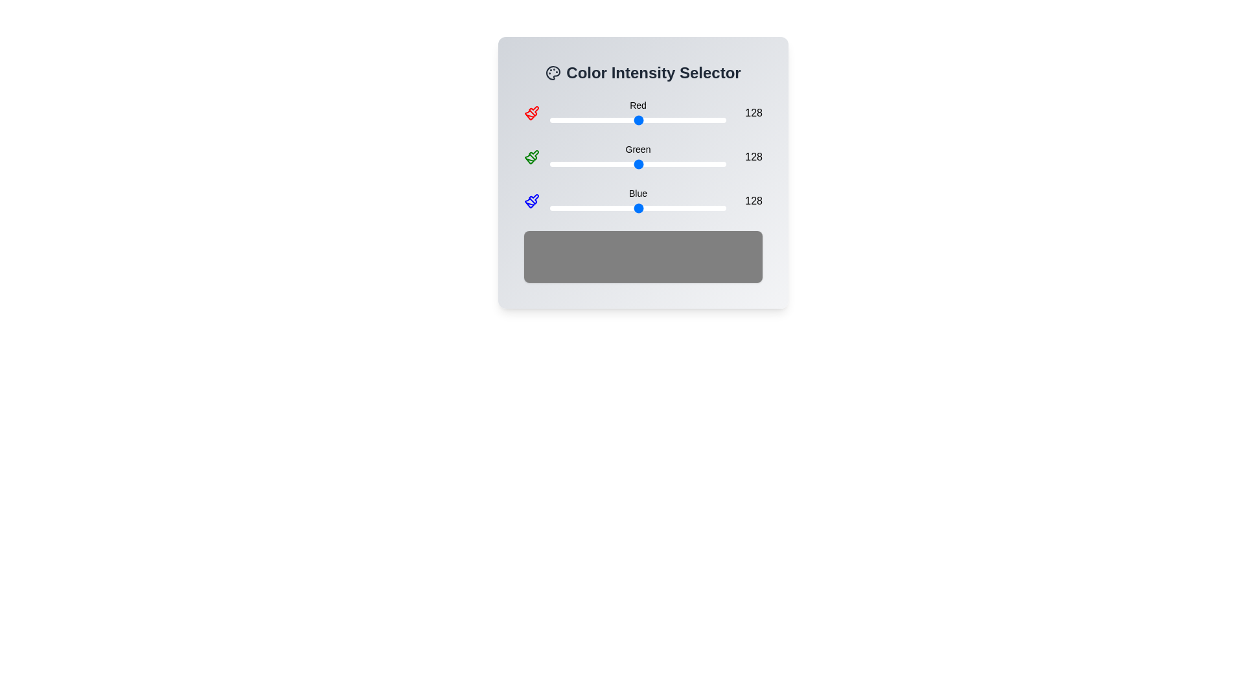  Describe the element at coordinates (638, 104) in the screenshot. I see `the text label displaying the word 'Red' which is centrally aligned above the intensity slider in the Color Intensity Selector section` at that location.